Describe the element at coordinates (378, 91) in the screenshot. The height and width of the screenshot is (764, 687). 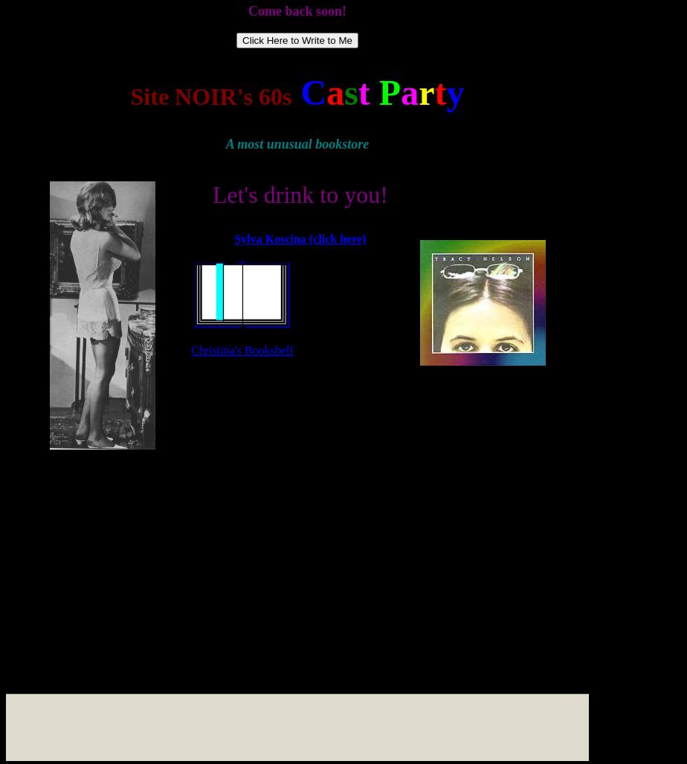
I see `'P'` at that location.